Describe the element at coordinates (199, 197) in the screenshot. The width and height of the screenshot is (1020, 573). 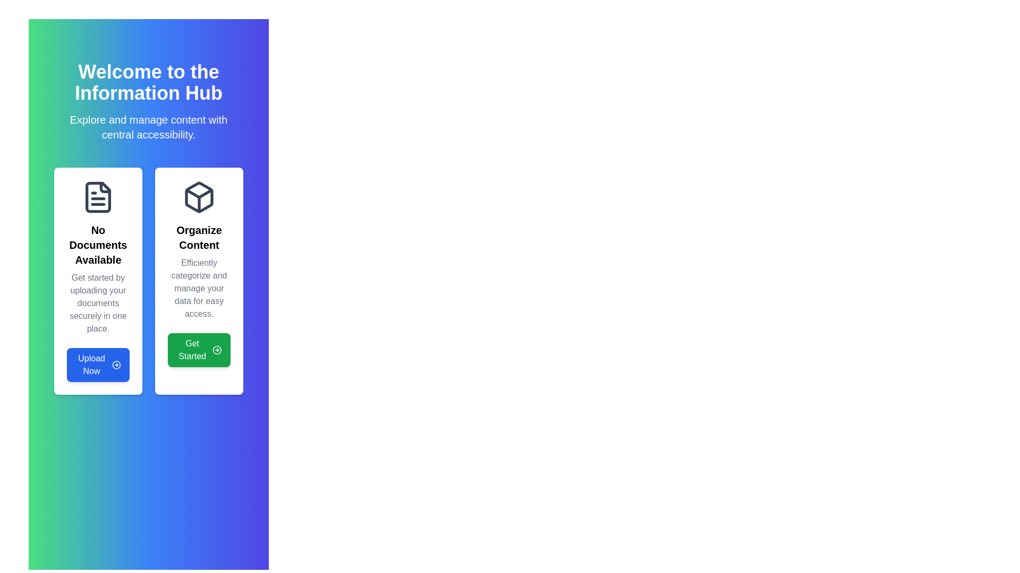
I see `the 'Organize Content' icon located at the top of the panel dedicated to organizational tasks, positioned on the right side of the main interface` at that location.